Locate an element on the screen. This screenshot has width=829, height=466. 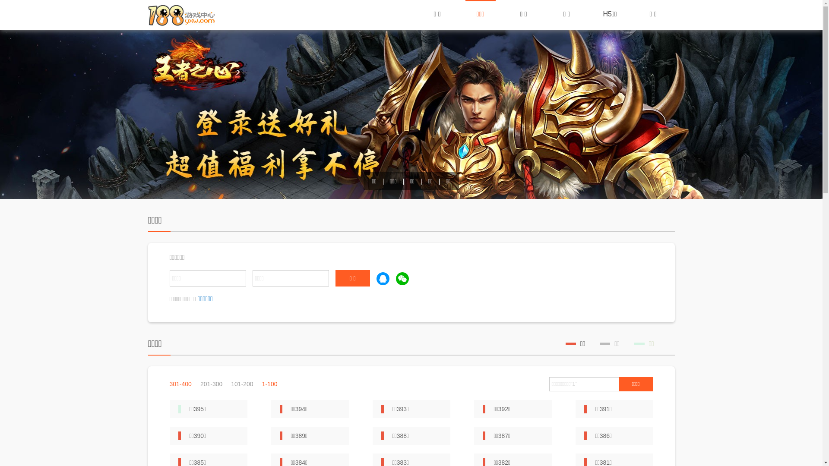
'weixin' is located at coordinates (402, 278).